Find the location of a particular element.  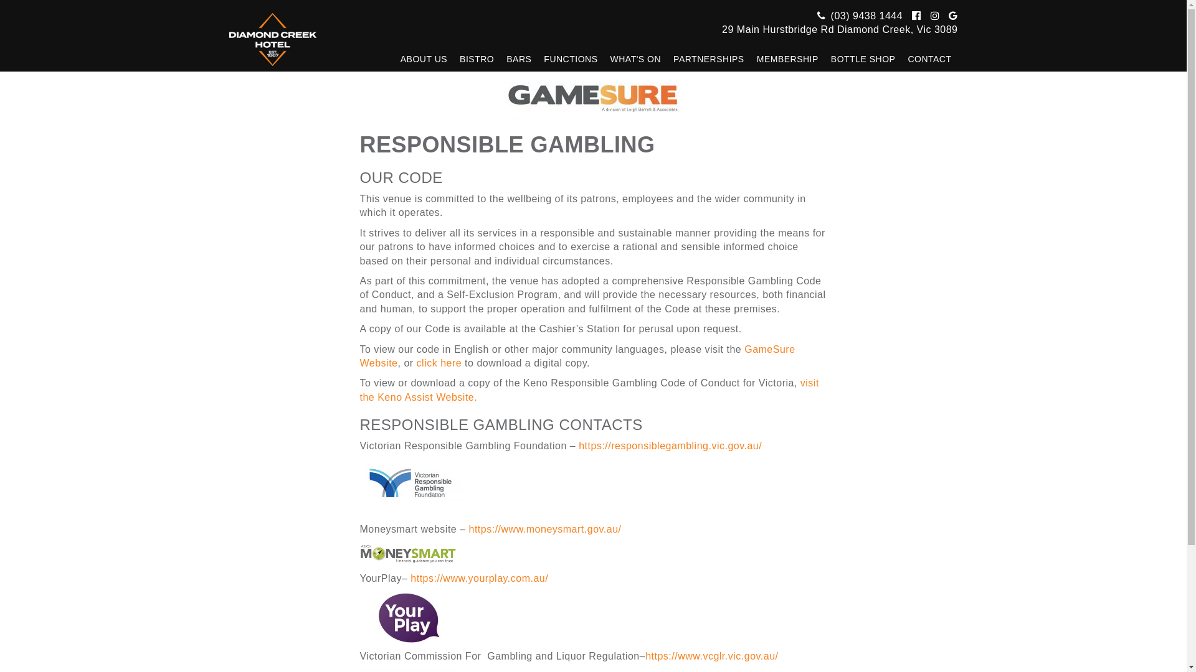

'https://www.moneysmart.gov.au/' is located at coordinates (545, 529).